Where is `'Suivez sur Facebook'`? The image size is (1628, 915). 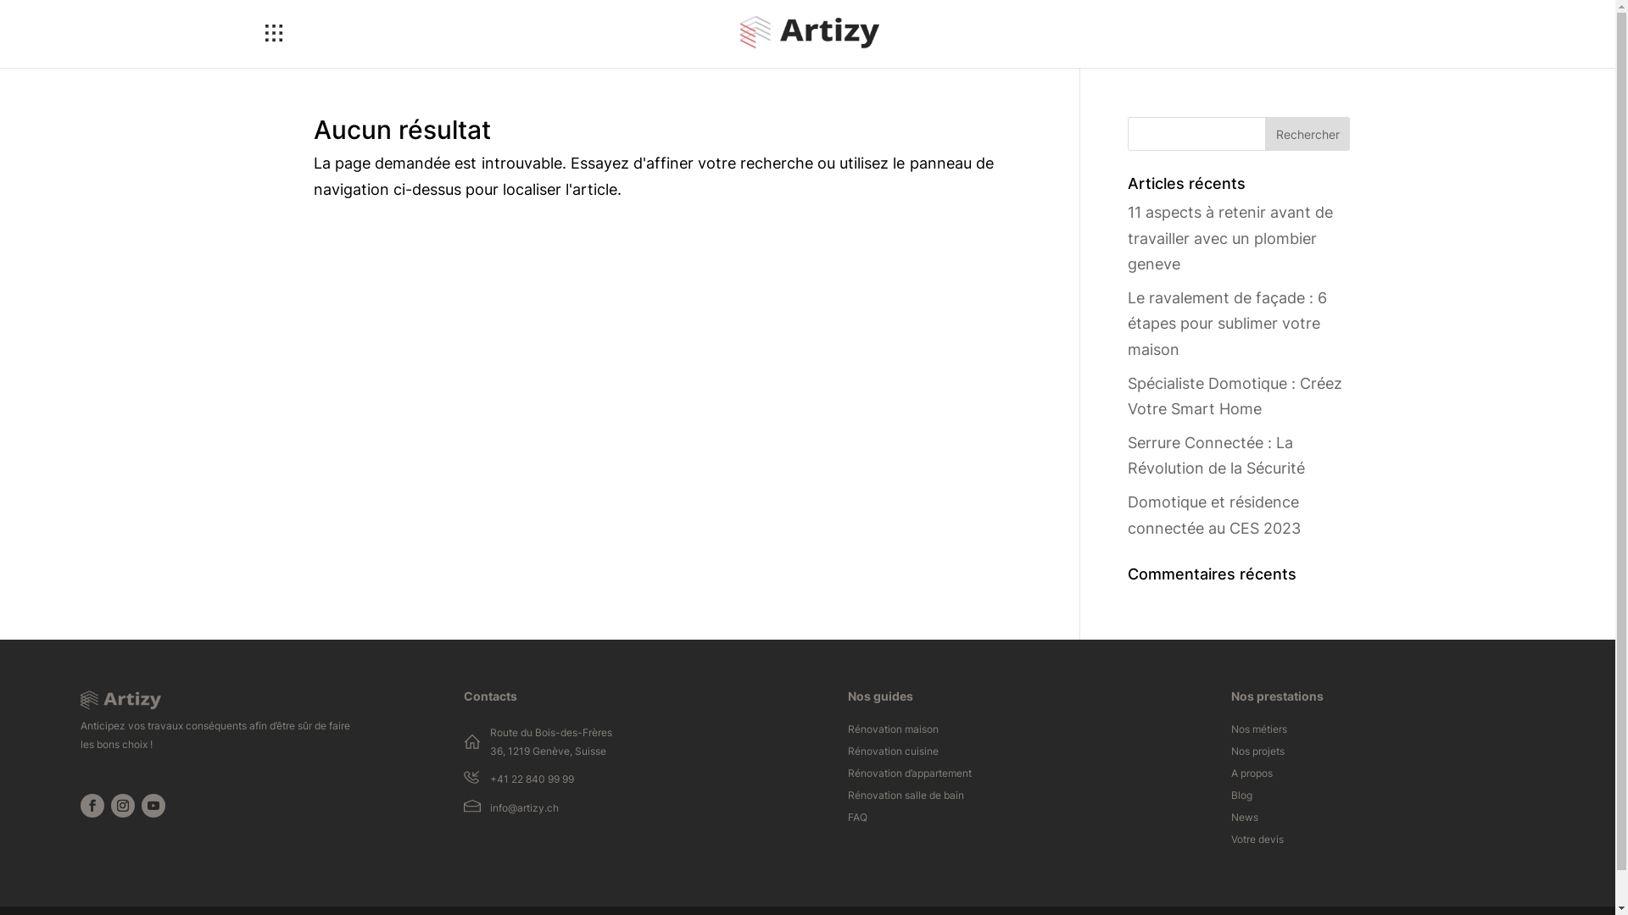 'Suivez sur Facebook' is located at coordinates (92, 805).